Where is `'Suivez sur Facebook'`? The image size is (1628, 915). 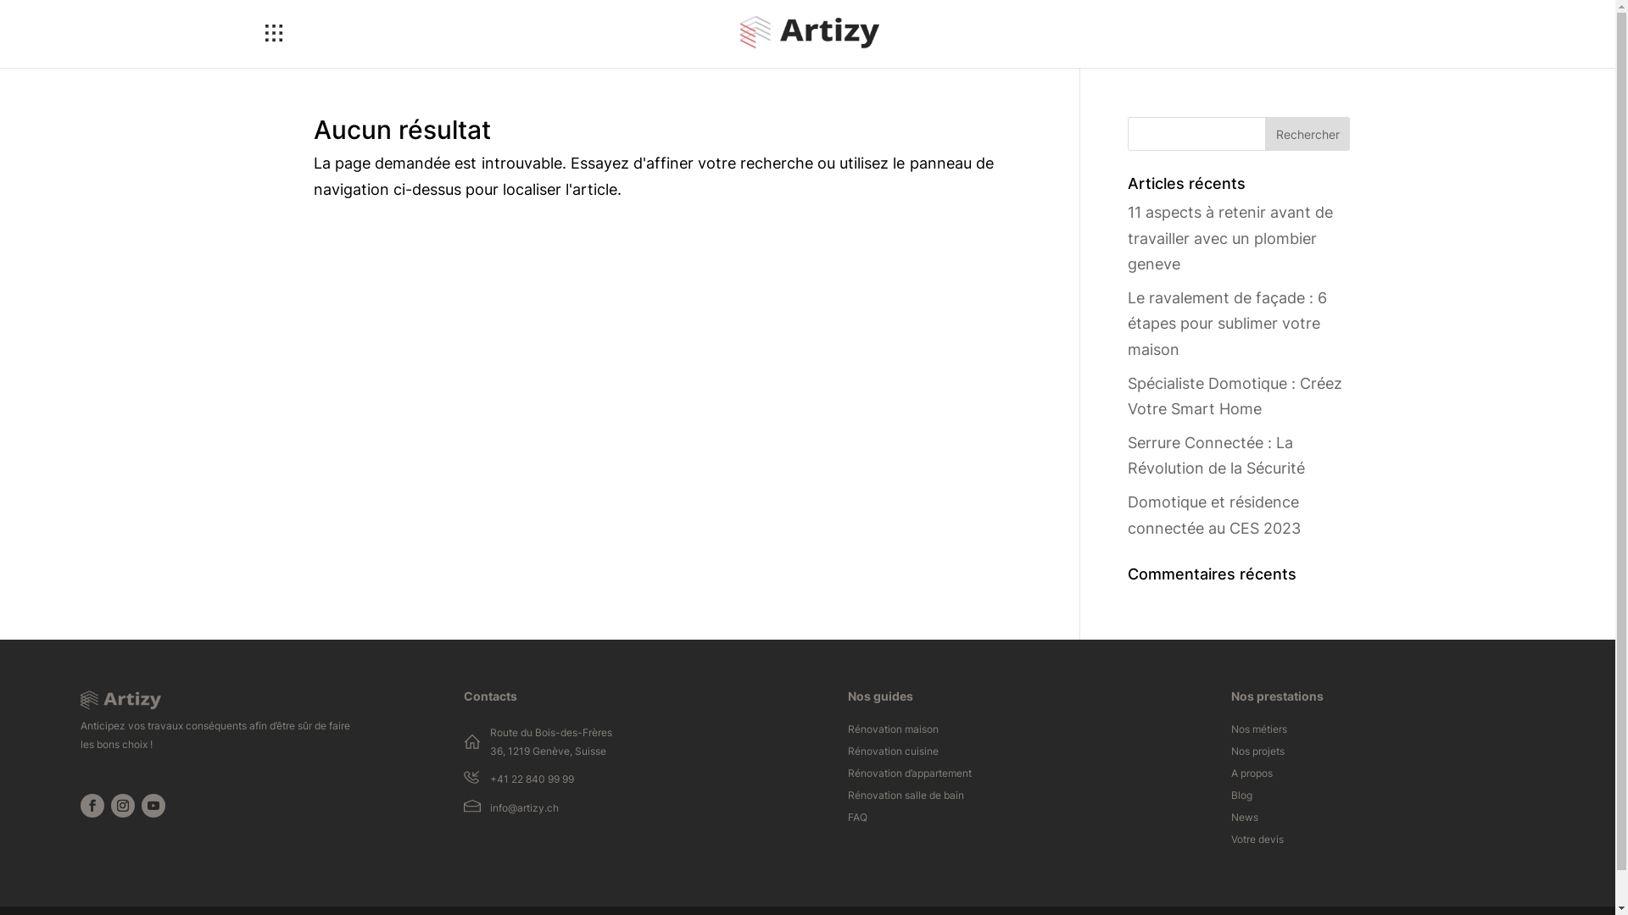 'Suivez sur Facebook' is located at coordinates (92, 805).